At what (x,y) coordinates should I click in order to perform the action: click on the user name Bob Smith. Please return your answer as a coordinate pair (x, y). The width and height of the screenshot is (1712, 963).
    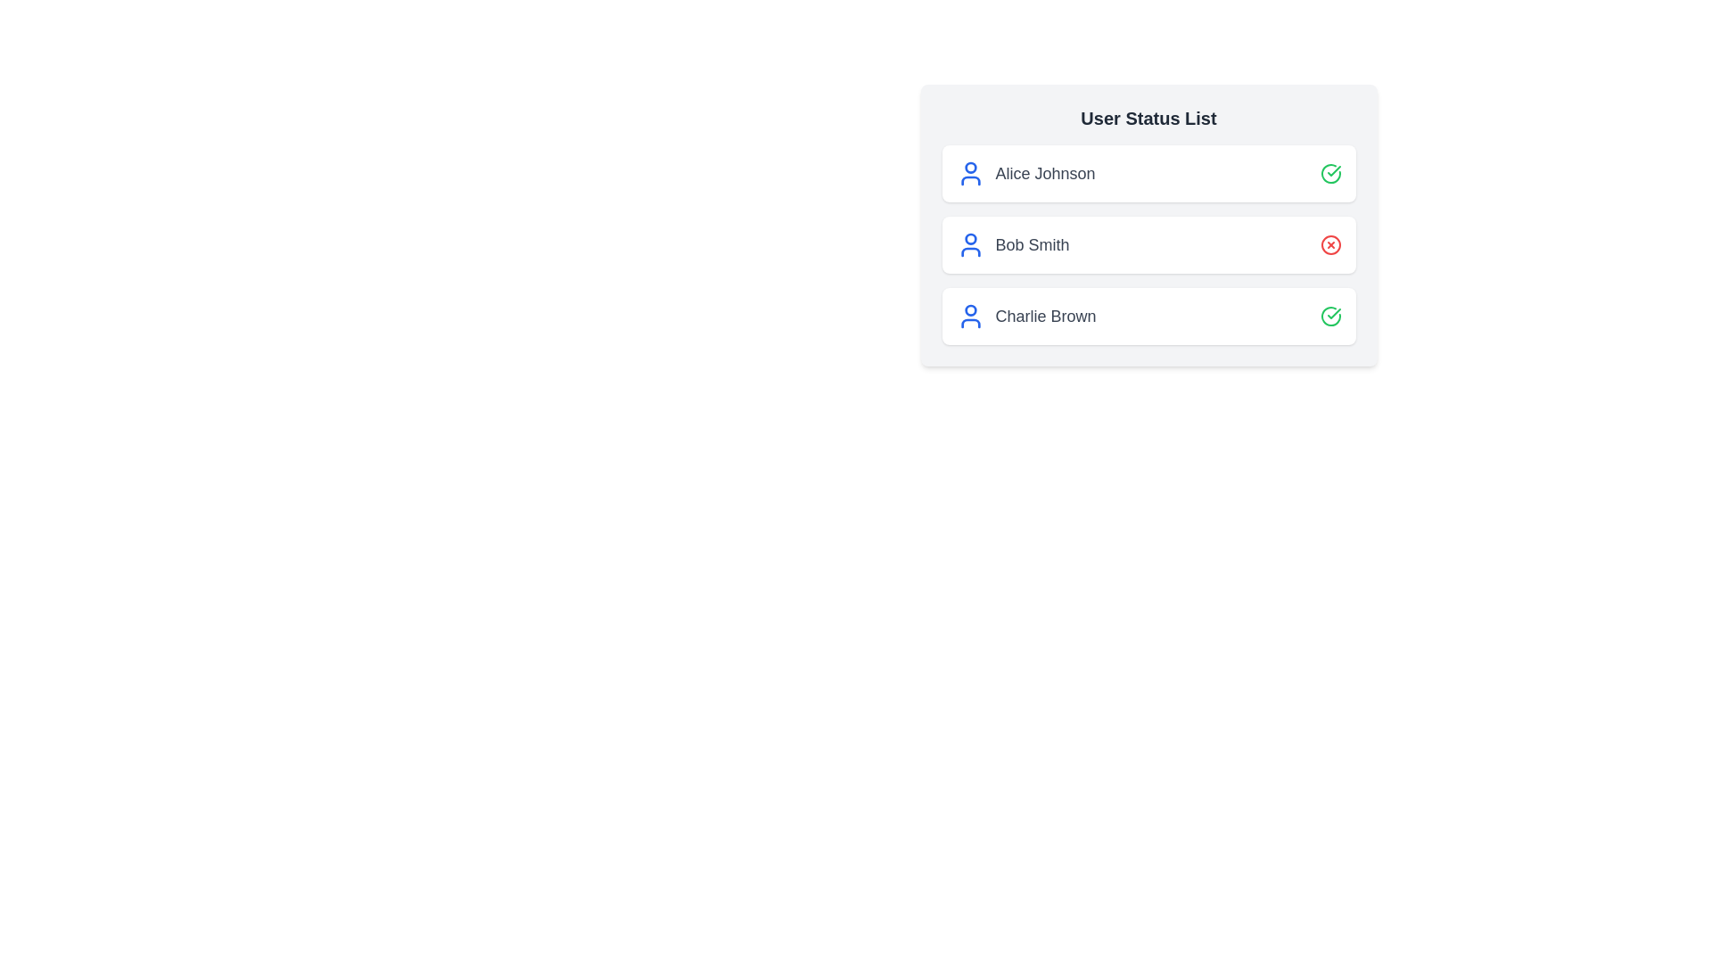
    Looking at the image, I should click on (1148, 244).